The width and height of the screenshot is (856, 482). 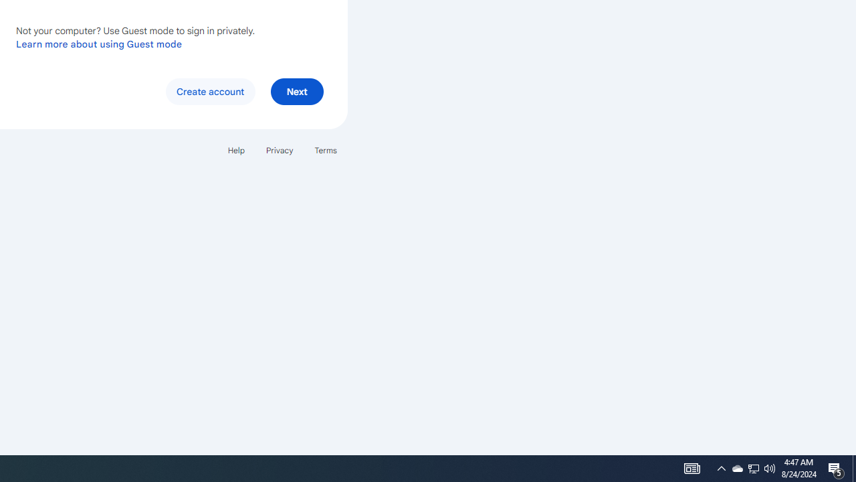 What do you see at coordinates (296, 90) in the screenshot?
I see `'Next'` at bounding box center [296, 90].